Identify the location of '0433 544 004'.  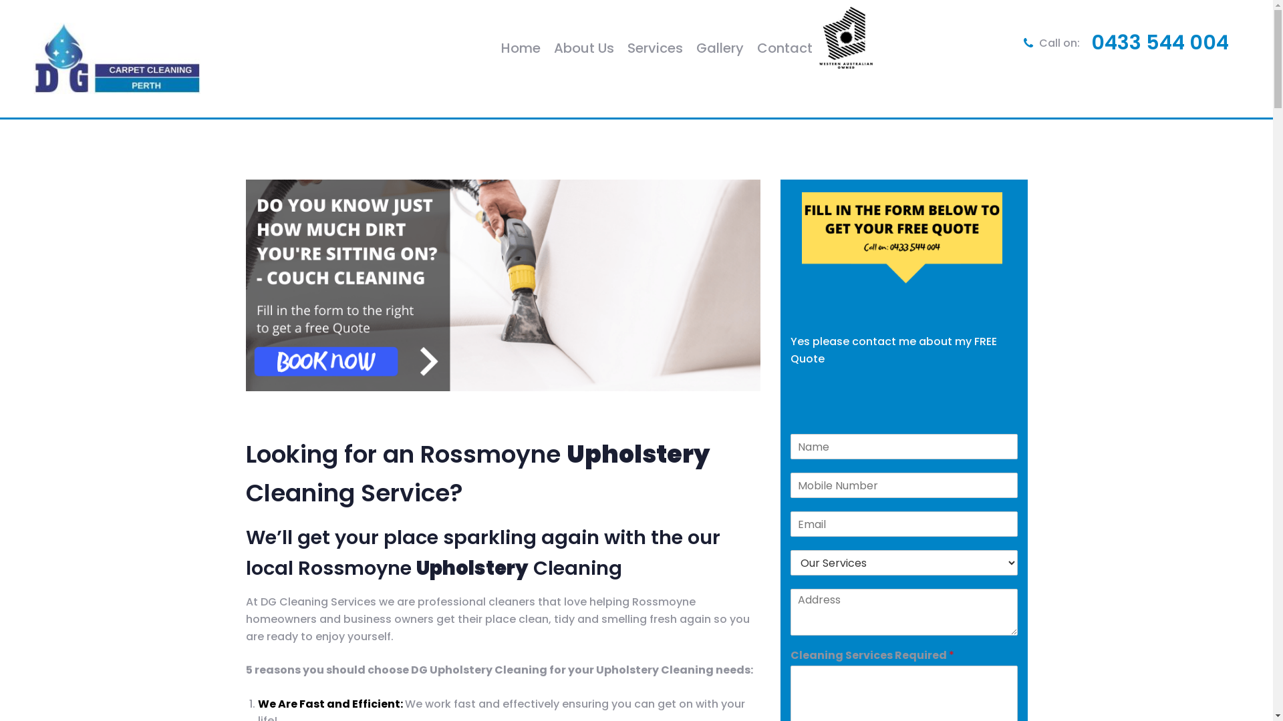
(1159, 42).